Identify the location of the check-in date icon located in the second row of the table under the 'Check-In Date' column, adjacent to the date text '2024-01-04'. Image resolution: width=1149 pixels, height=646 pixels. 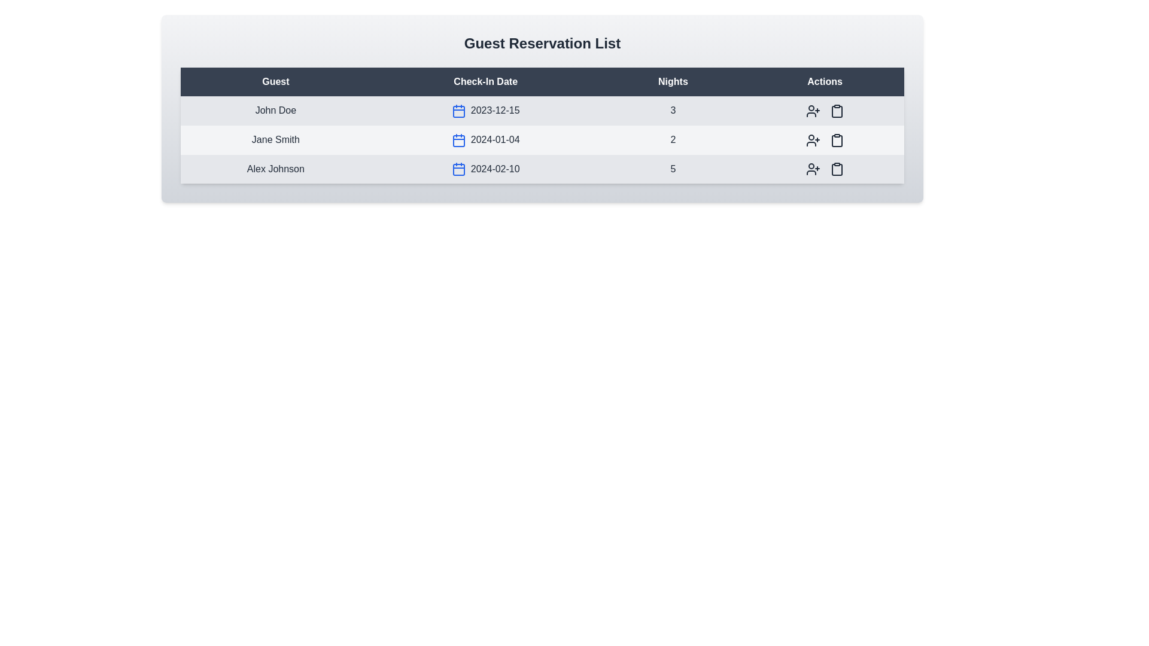
(458, 139).